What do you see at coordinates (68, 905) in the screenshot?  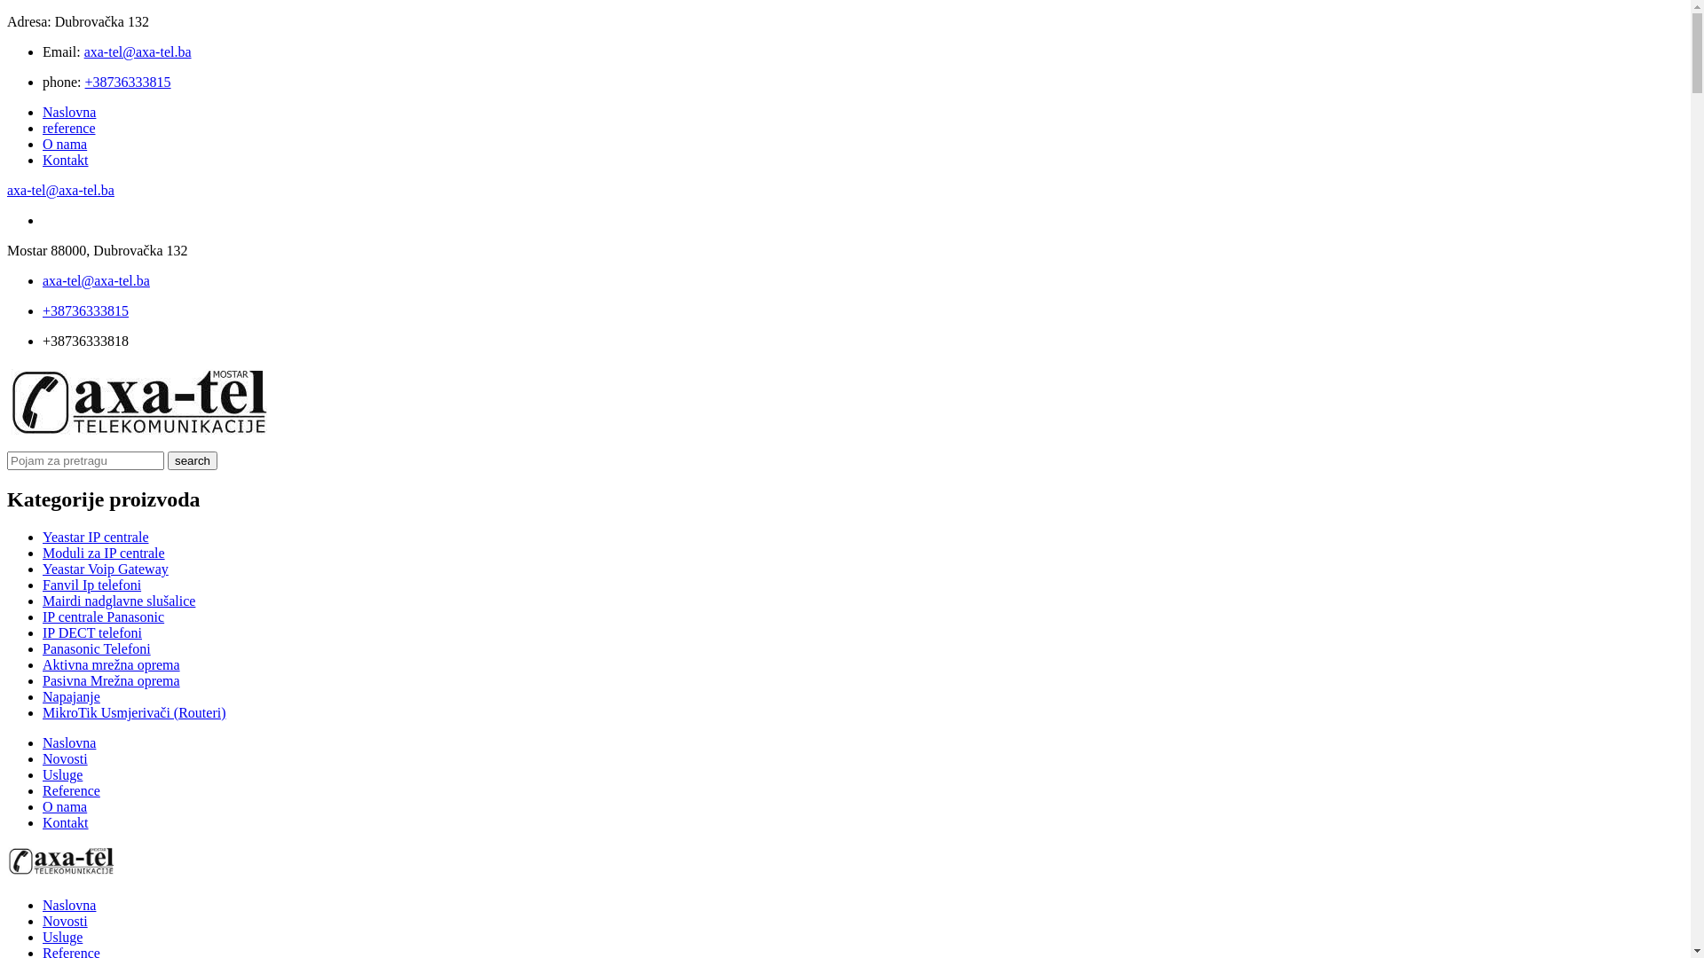 I see `'Naslovna'` at bounding box center [68, 905].